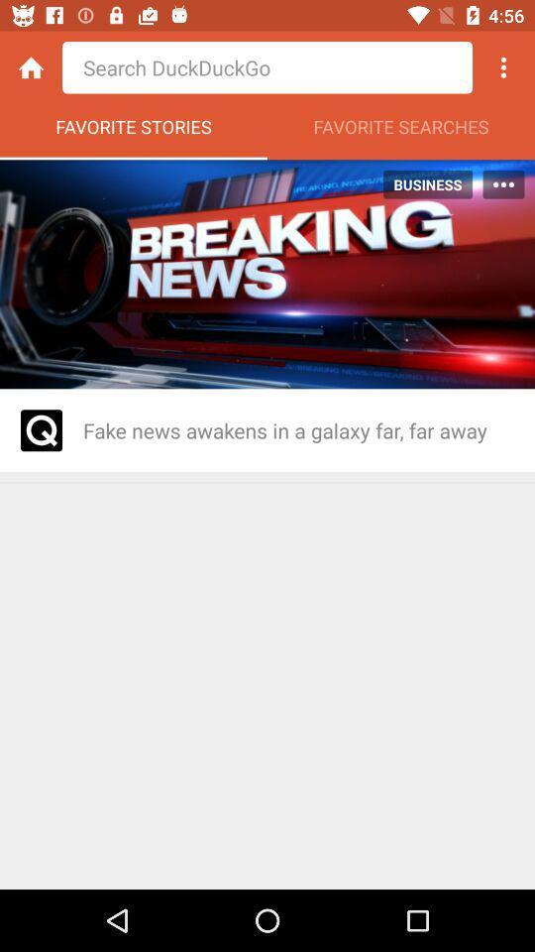  I want to click on the favorite stories item, so click(134, 131).